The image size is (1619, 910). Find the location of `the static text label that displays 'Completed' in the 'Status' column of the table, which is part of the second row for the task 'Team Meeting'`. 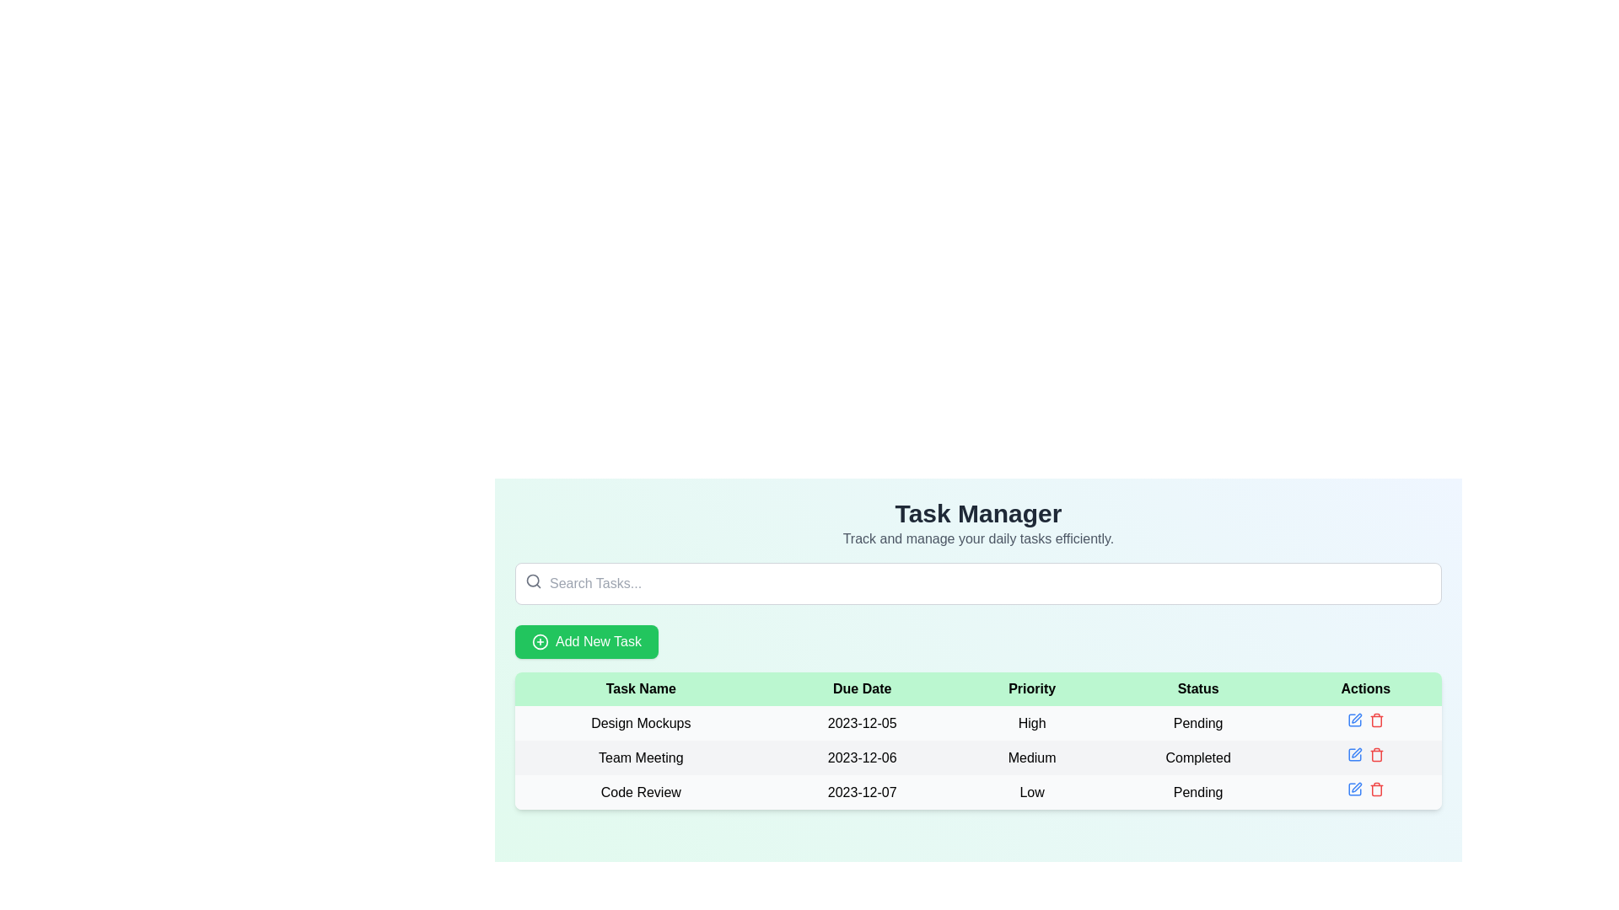

the static text label that displays 'Completed' in the 'Status' column of the table, which is part of the second row for the task 'Team Meeting' is located at coordinates (1197, 757).